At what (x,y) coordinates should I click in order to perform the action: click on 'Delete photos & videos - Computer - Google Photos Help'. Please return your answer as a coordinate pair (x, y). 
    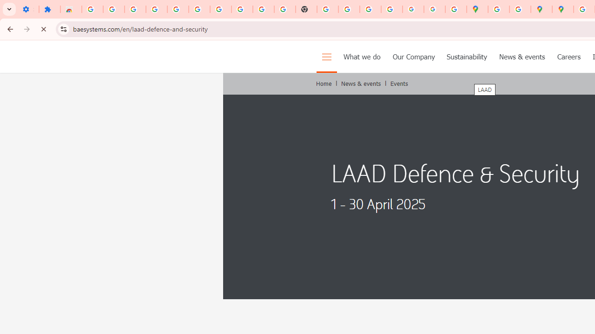
    Looking at the image, I should click on (134, 9).